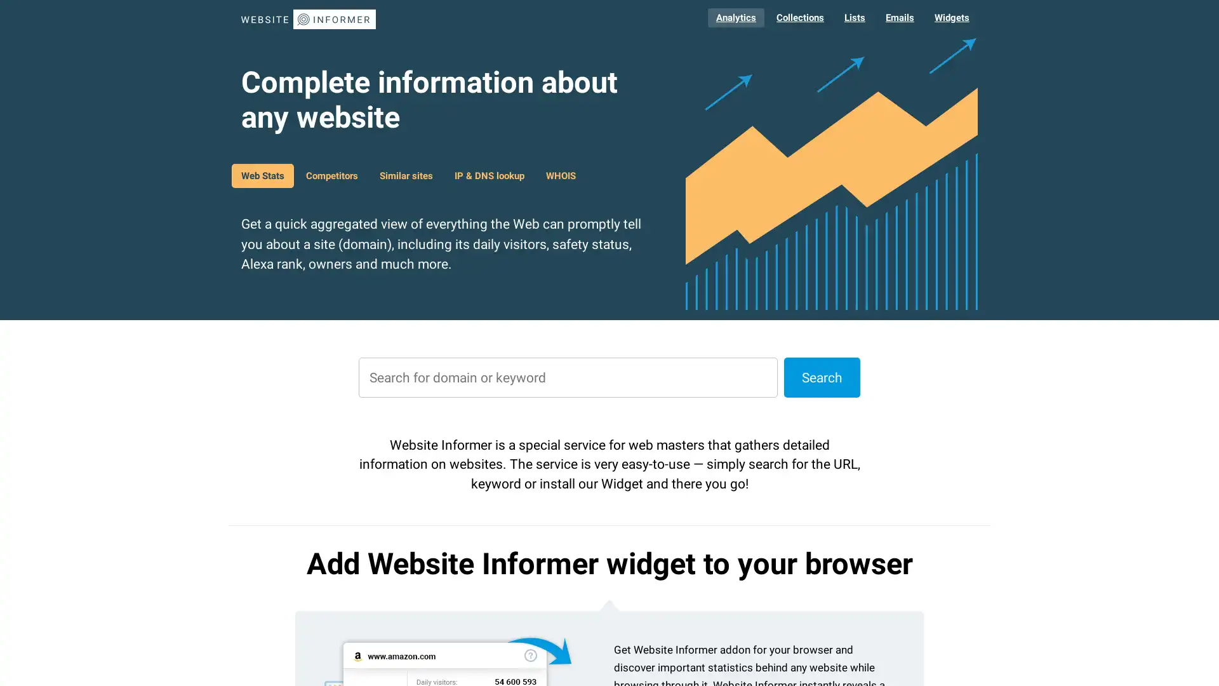 The width and height of the screenshot is (1219, 686). I want to click on Search, so click(822, 377).